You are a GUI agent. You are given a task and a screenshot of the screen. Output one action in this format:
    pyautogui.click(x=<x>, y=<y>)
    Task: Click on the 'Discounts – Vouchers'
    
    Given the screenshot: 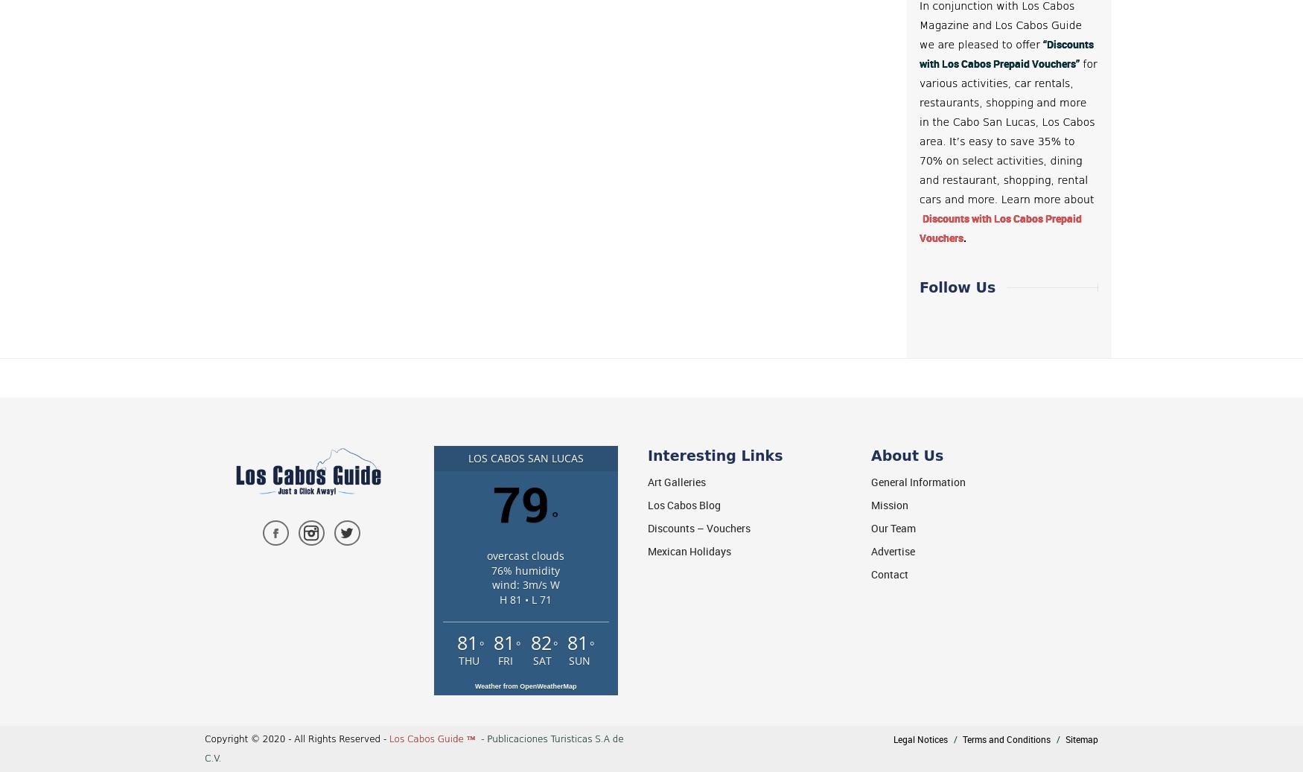 What is the action you would take?
    pyautogui.click(x=699, y=528)
    